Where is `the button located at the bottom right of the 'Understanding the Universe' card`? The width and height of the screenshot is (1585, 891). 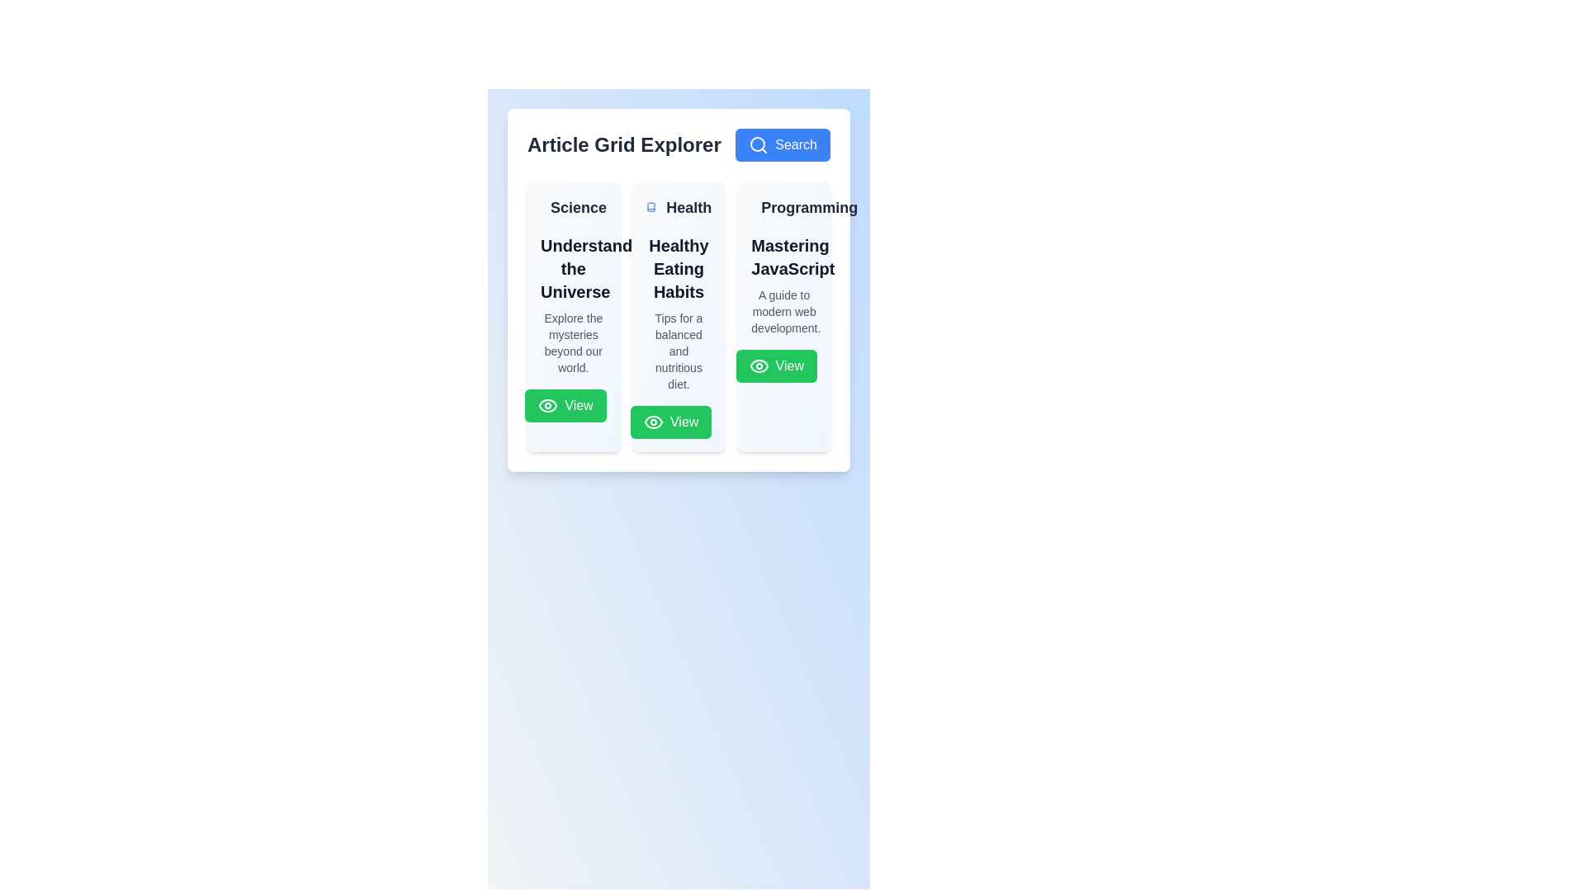 the button located at the bottom right of the 'Understanding the Universe' card is located at coordinates (573, 406).